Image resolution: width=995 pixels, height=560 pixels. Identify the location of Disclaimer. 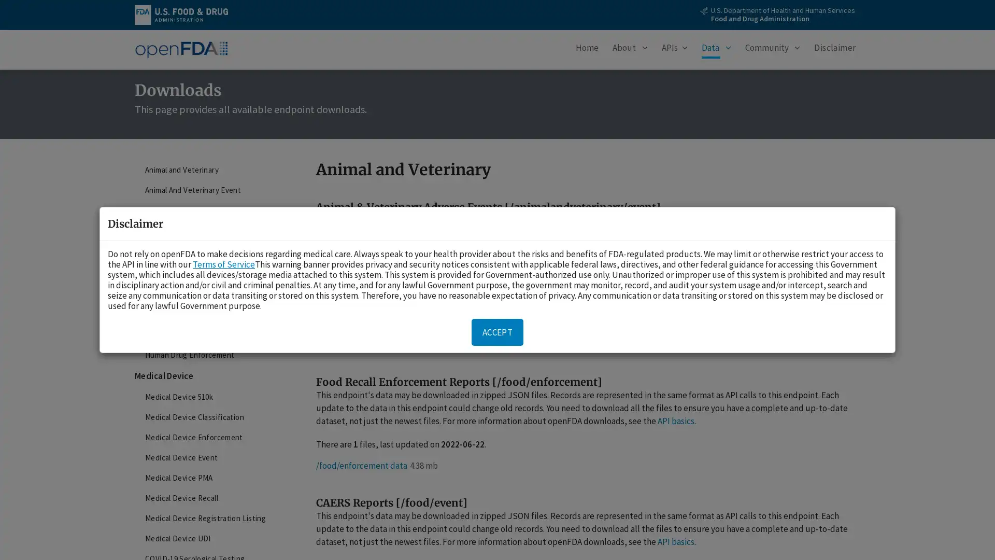
(835, 50).